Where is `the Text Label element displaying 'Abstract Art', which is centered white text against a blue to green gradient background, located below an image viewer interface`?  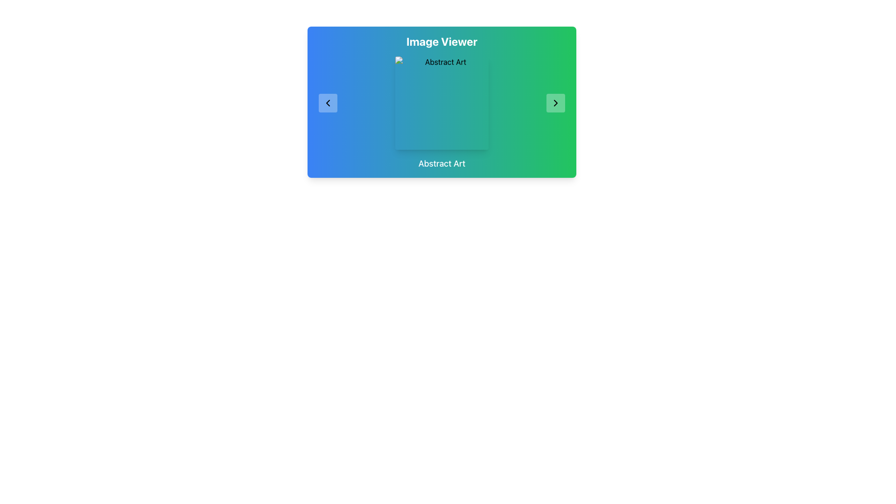
the Text Label element displaying 'Abstract Art', which is centered white text against a blue to green gradient background, located below an image viewer interface is located at coordinates (441, 163).